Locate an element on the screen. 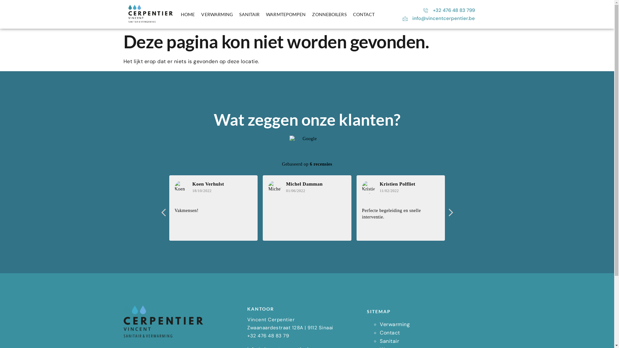 The image size is (619, 348). '+32 476 48 83 799' is located at coordinates (448, 10).